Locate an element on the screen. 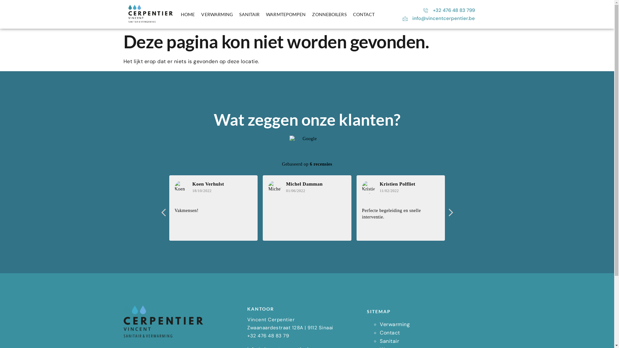 The image size is (619, 348). '+32 476 48 83 799' is located at coordinates (448, 10).